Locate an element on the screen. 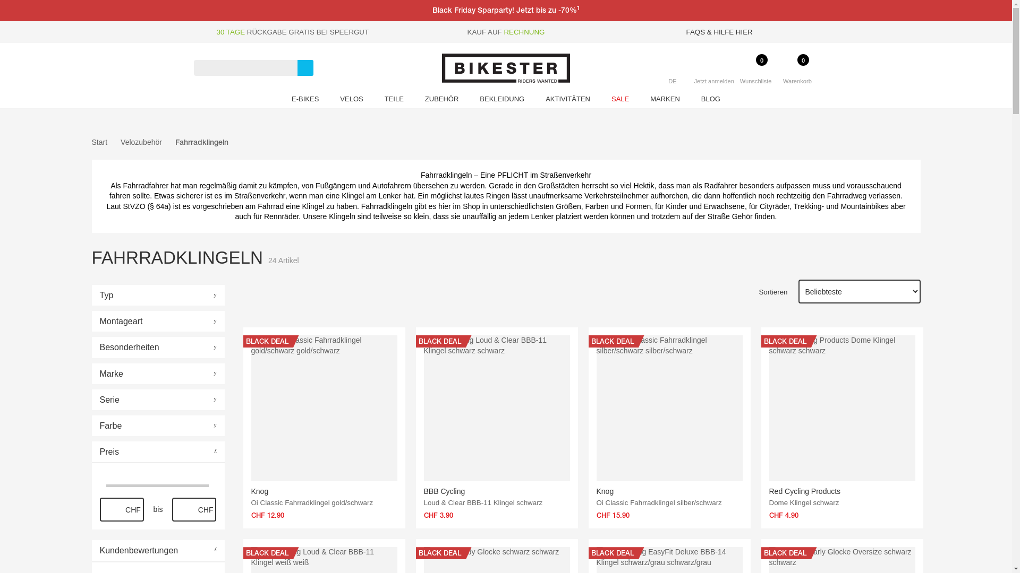 Image resolution: width=1020 pixels, height=573 pixels. 'BLOG' is located at coordinates (691, 100).